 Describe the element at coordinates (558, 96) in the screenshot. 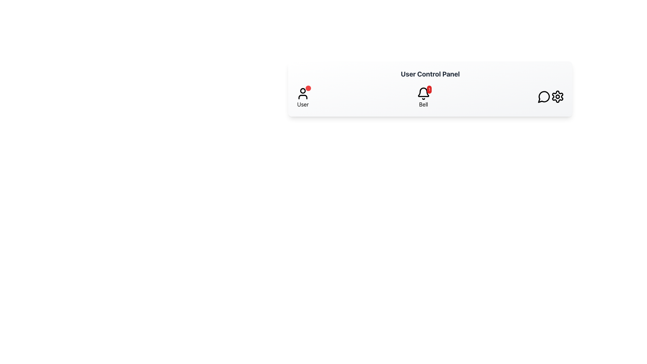

I see `the SVG Circle Element that serves as a visual indicator within the gear icon, indicating an active state or alert, located at the far-right side of the control panel` at that location.